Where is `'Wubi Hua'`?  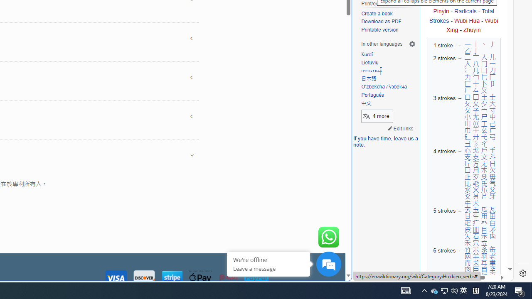 'Wubi Hua' is located at coordinates (467, 20).